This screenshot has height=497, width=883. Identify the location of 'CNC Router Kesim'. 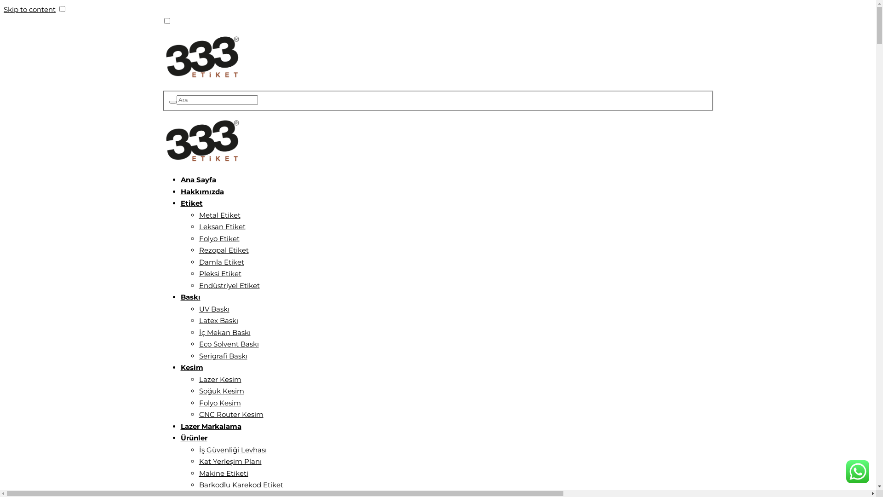
(231, 414).